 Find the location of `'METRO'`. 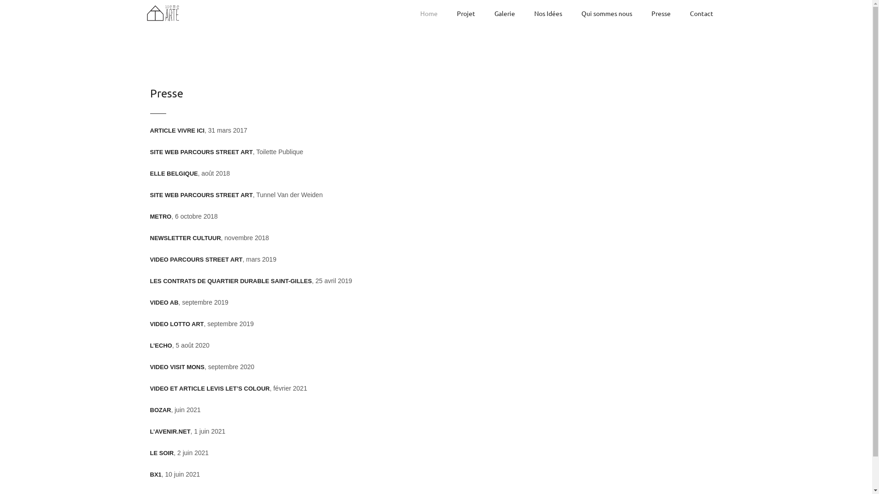

'METRO' is located at coordinates (161, 216).